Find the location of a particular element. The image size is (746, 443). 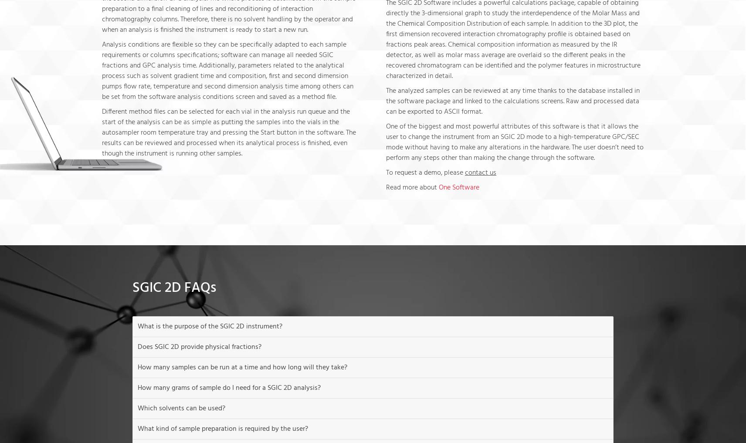

'One Software' is located at coordinates (458, 187).